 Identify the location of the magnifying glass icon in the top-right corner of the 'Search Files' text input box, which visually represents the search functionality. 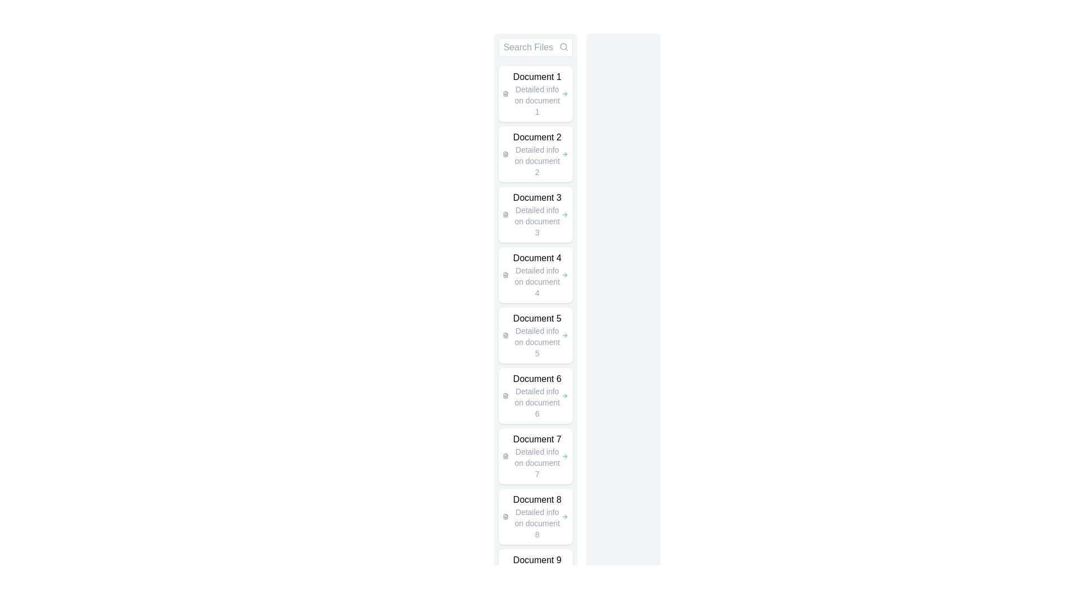
(563, 46).